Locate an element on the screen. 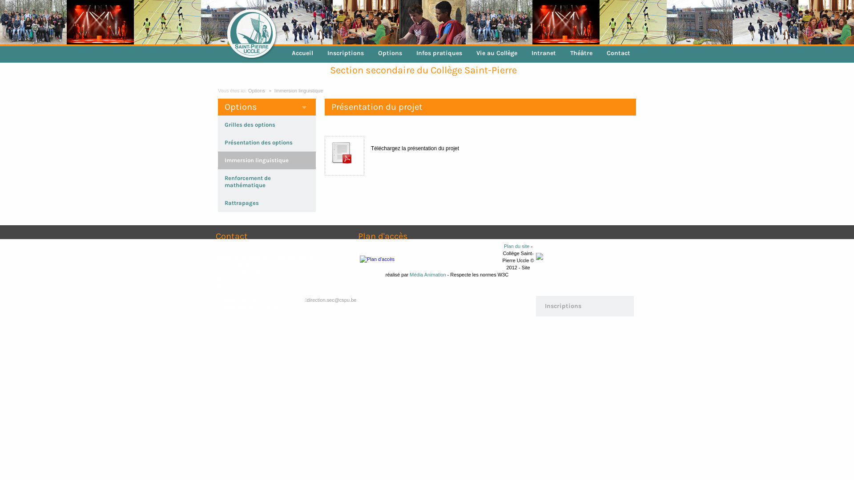 This screenshot has height=480, width=854. 'Accueil' is located at coordinates (284, 53).